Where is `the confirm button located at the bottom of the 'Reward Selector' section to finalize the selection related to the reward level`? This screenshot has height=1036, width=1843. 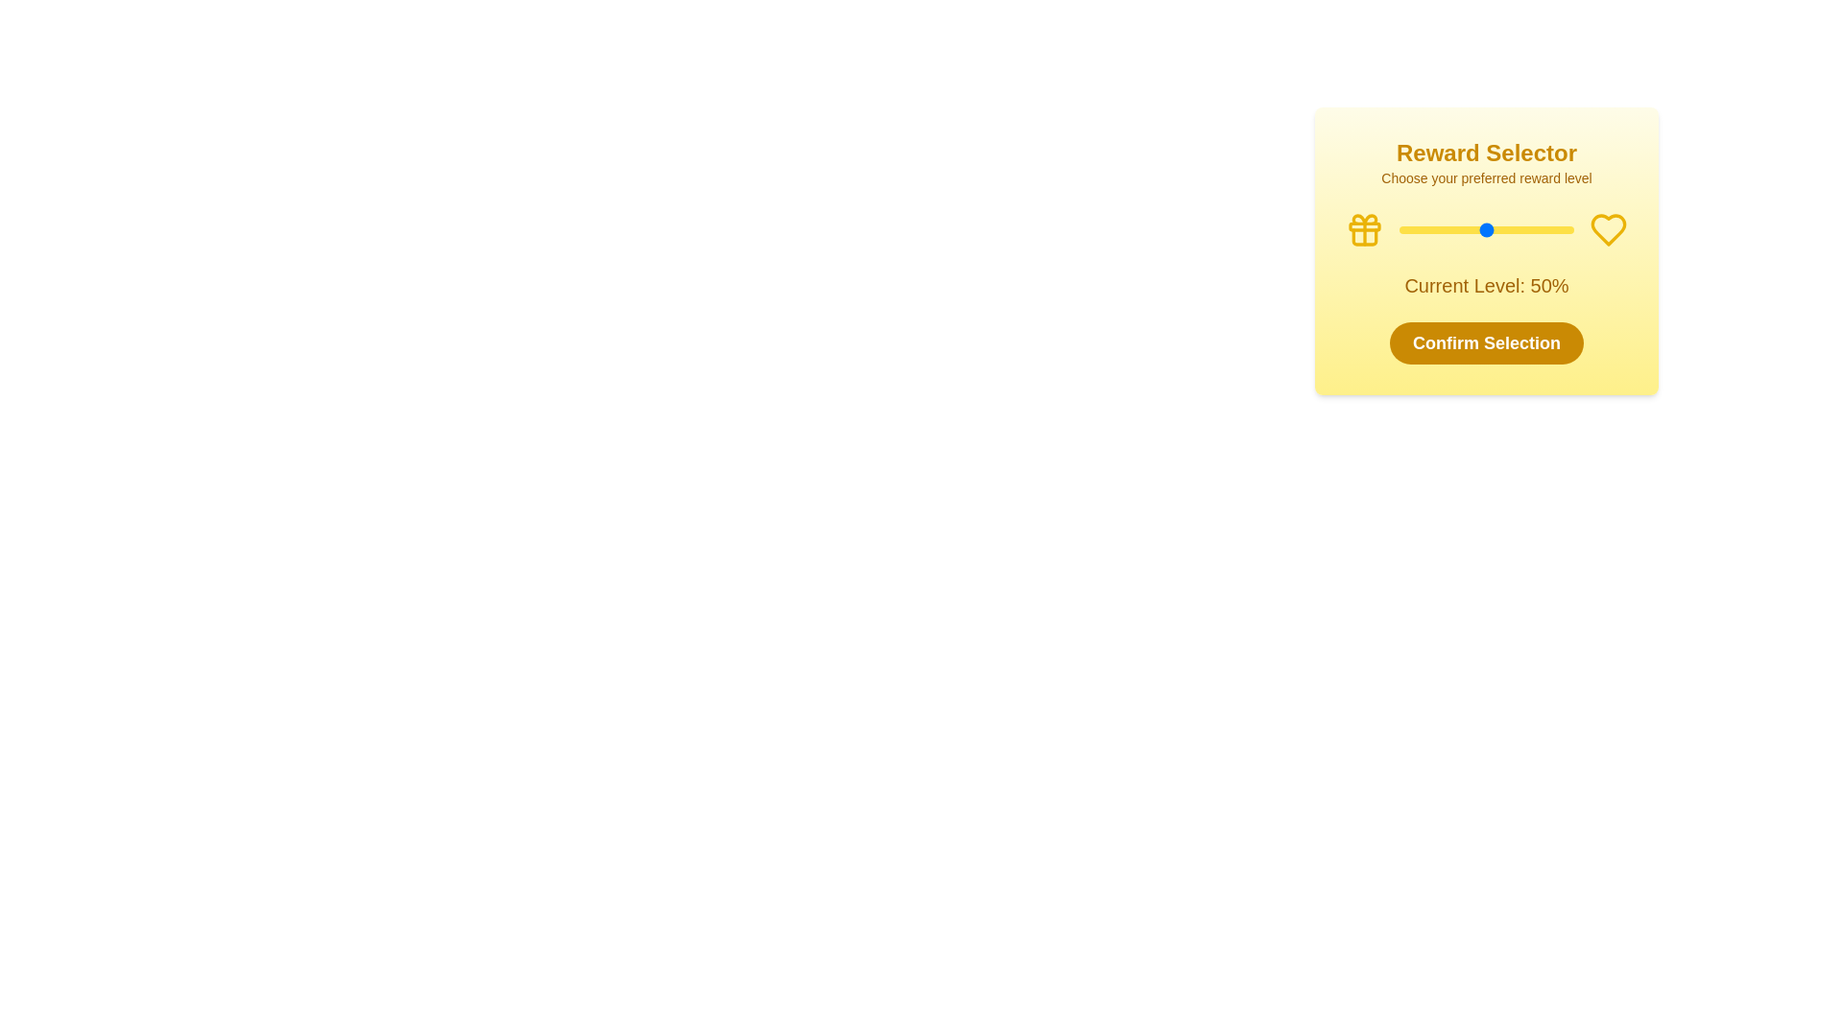
the confirm button located at the bottom of the 'Reward Selector' section to finalize the selection related to the reward level is located at coordinates (1486, 342).